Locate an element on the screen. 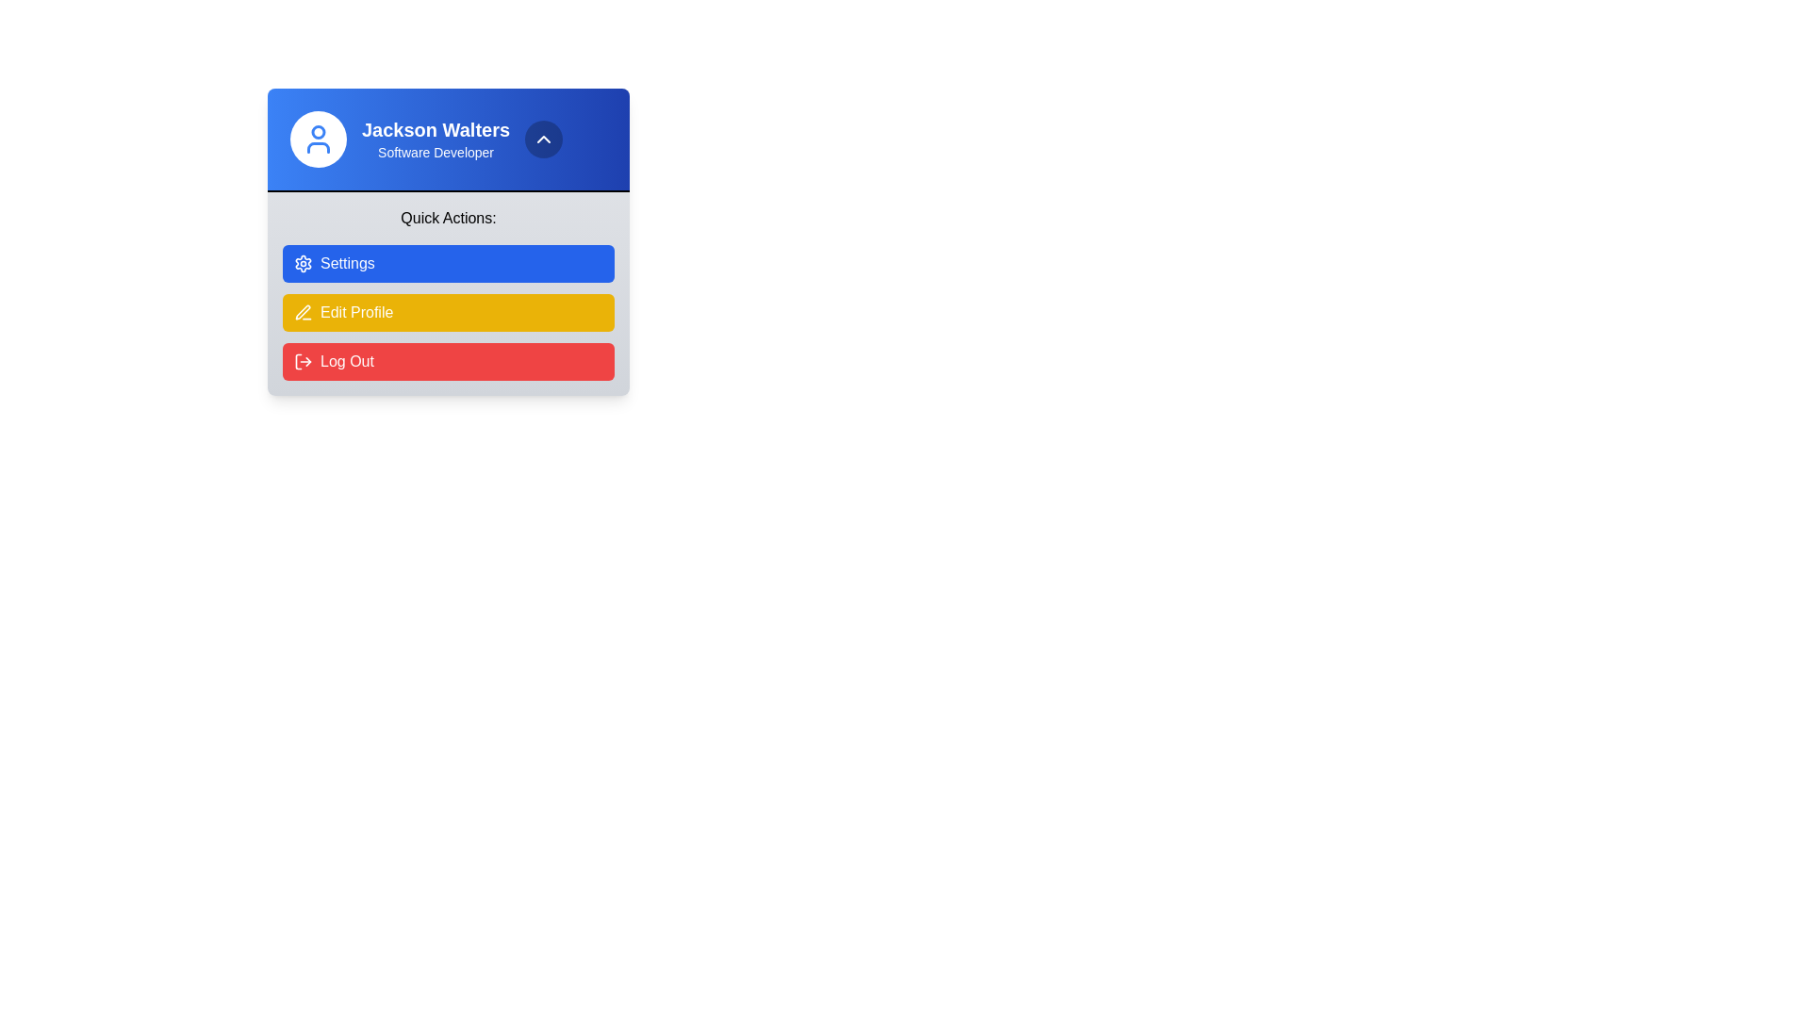 Image resolution: width=1810 pixels, height=1018 pixels. the circular button with a dark background and downward-pointing chevron icon located in the top-right corner of the blue header section, next to the user name 'Jackson Walters' is located at coordinates (543, 138).